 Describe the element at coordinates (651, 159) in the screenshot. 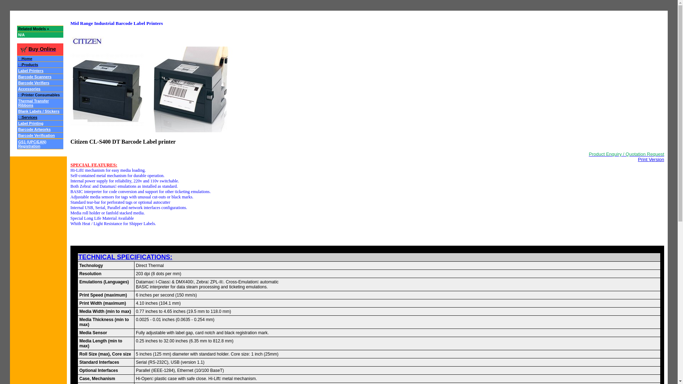

I see `'Print Version'` at that location.